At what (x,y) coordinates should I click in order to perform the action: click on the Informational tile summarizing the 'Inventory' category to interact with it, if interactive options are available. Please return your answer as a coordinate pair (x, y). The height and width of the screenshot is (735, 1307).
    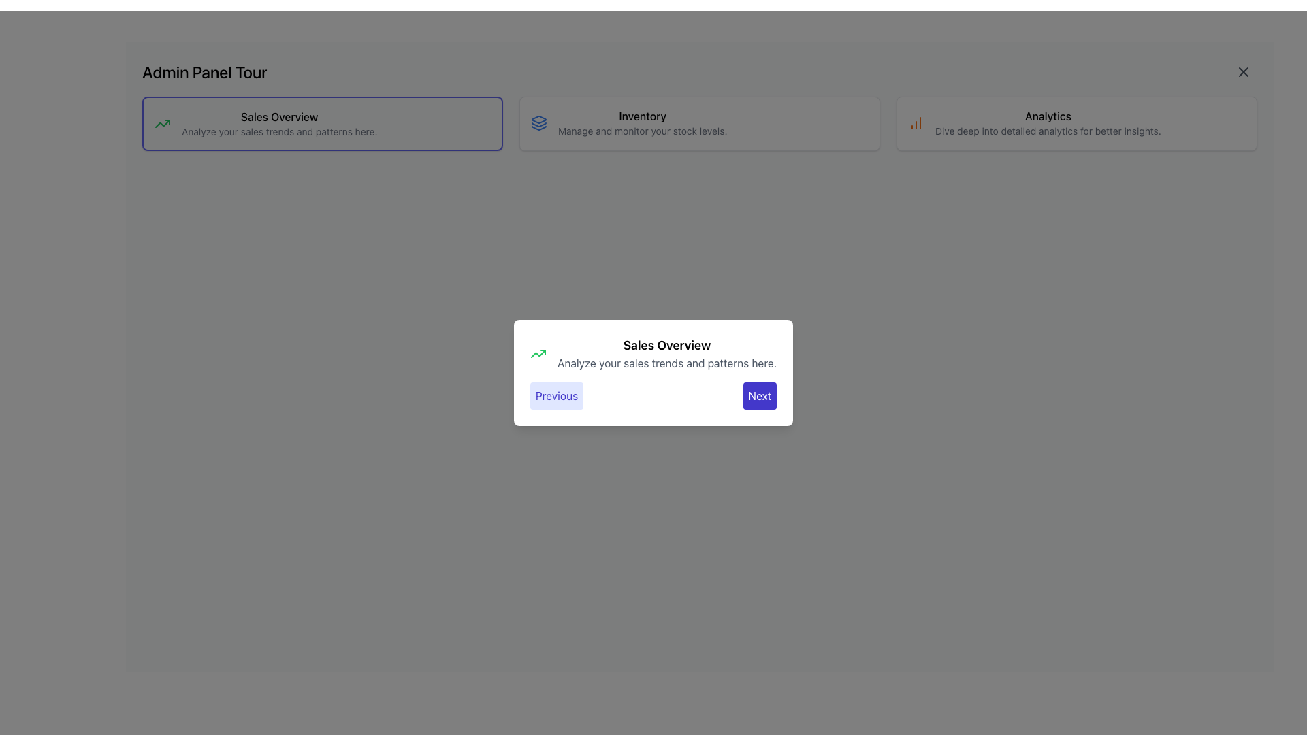
    Looking at the image, I should click on (699, 123).